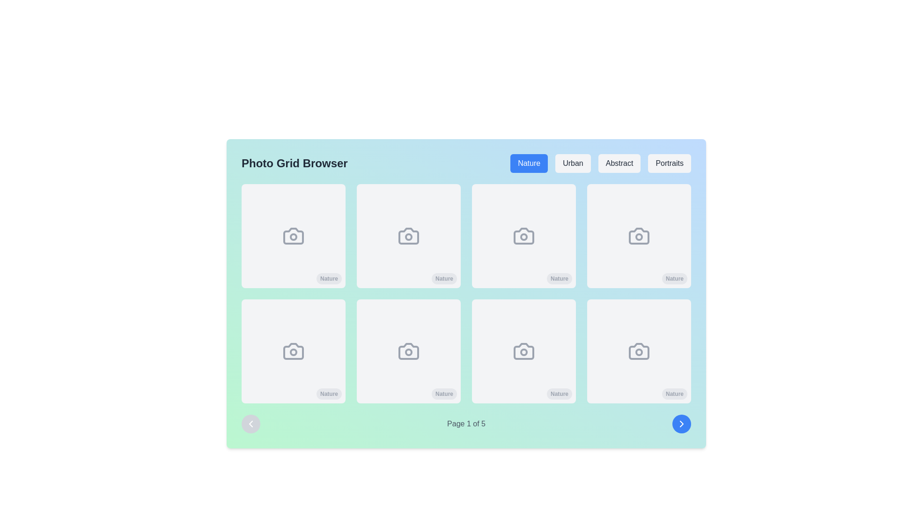 This screenshot has height=506, width=899. Describe the element at coordinates (638, 352) in the screenshot. I see `the SVG circle that represents the lens or focus area of the camera icon, which is centrally positioned within the camera icon's viewport` at that location.